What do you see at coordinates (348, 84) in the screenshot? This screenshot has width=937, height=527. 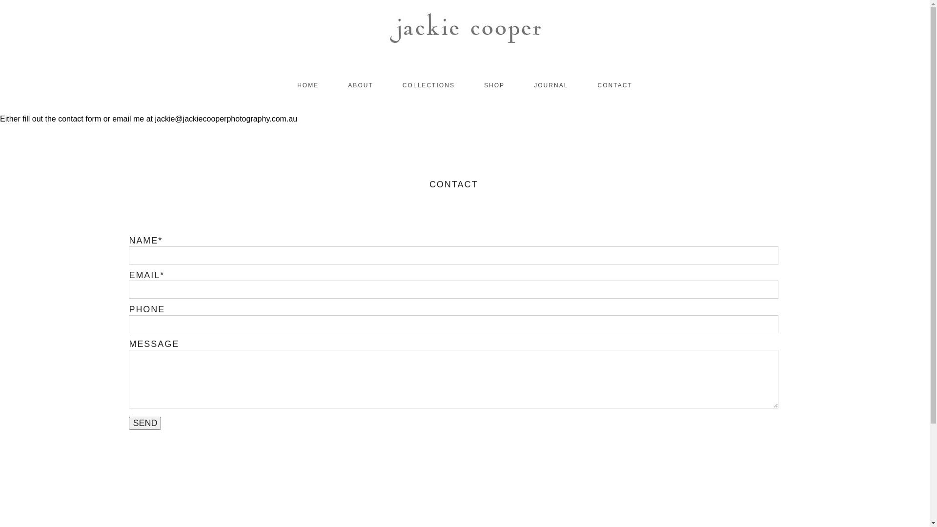 I see `'ABOUT'` at bounding box center [348, 84].